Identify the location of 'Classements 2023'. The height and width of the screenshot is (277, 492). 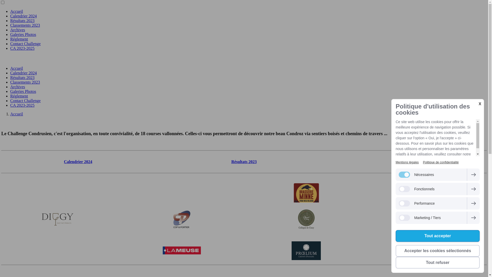
(25, 25).